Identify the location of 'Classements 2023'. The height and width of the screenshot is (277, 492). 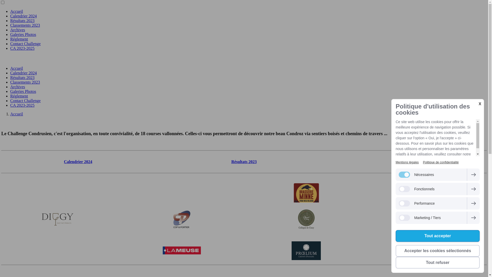
(25, 25).